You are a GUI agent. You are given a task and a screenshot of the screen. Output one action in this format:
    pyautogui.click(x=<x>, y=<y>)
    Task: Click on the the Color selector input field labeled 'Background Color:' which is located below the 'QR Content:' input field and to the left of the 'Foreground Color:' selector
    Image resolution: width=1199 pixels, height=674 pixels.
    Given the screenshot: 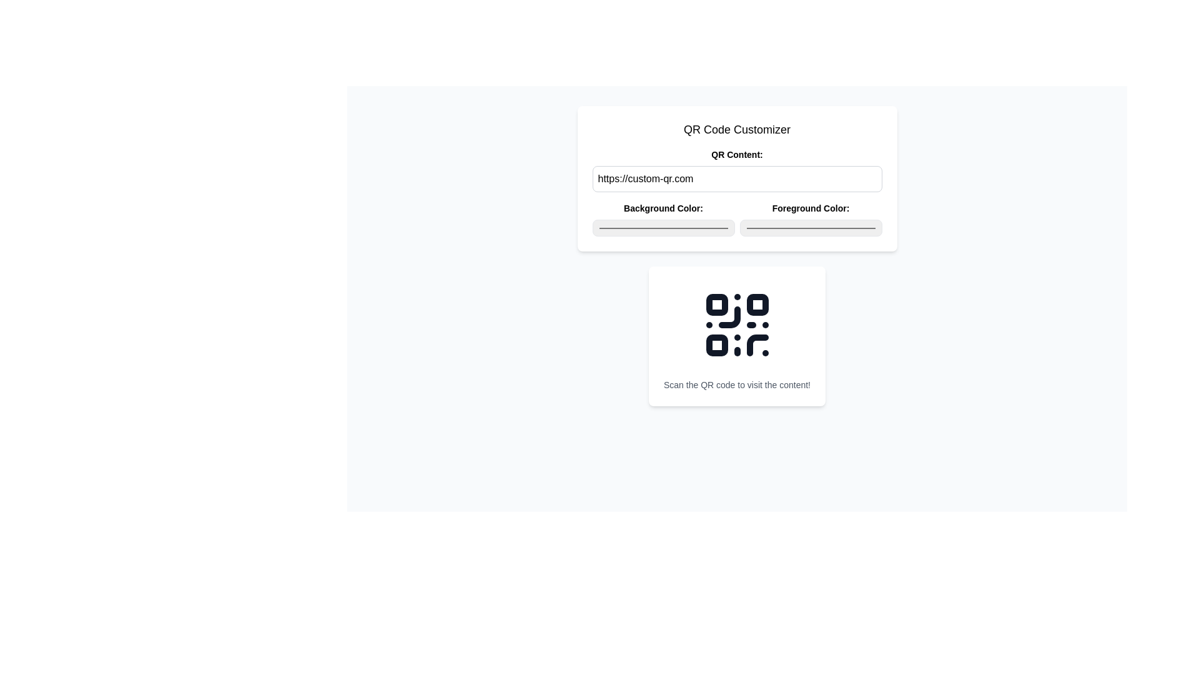 What is the action you would take?
    pyautogui.click(x=663, y=218)
    